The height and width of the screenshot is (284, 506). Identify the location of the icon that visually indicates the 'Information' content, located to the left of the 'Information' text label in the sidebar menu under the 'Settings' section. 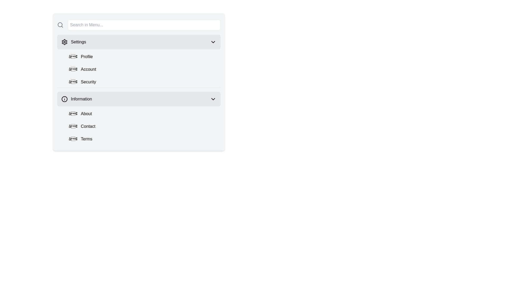
(64, 99).